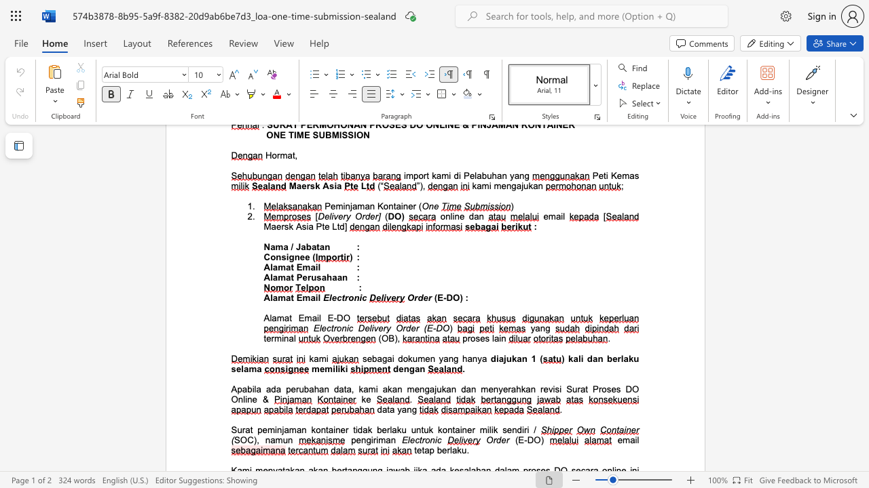 The image size is (869, 488). What do you see at coordinates (405, 328) in the screenshot?
I see `the space between the continuous character "r" and "d" in the text` at bounding box center [405, 328].